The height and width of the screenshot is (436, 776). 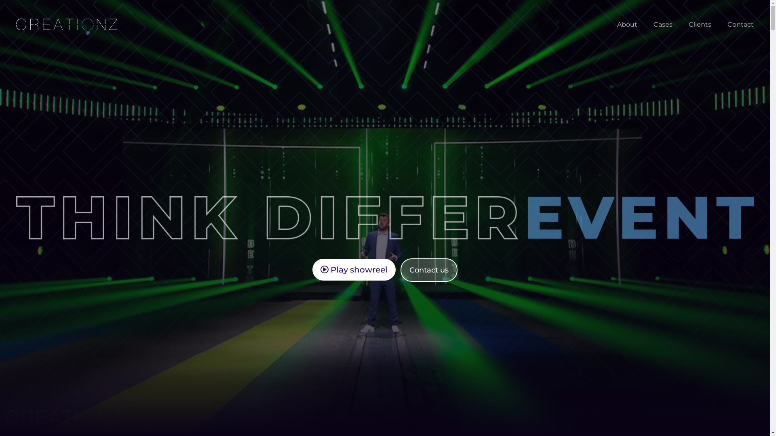 I want to click on 'Contact', so click(x=727, y=24).